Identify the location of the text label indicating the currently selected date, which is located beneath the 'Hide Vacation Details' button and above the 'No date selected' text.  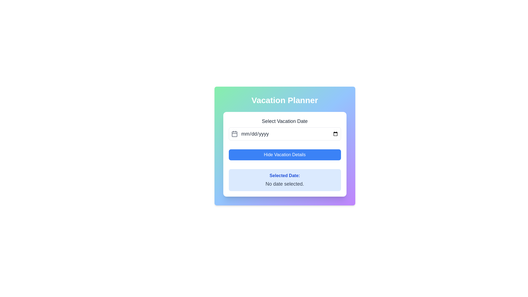
(285, 176).